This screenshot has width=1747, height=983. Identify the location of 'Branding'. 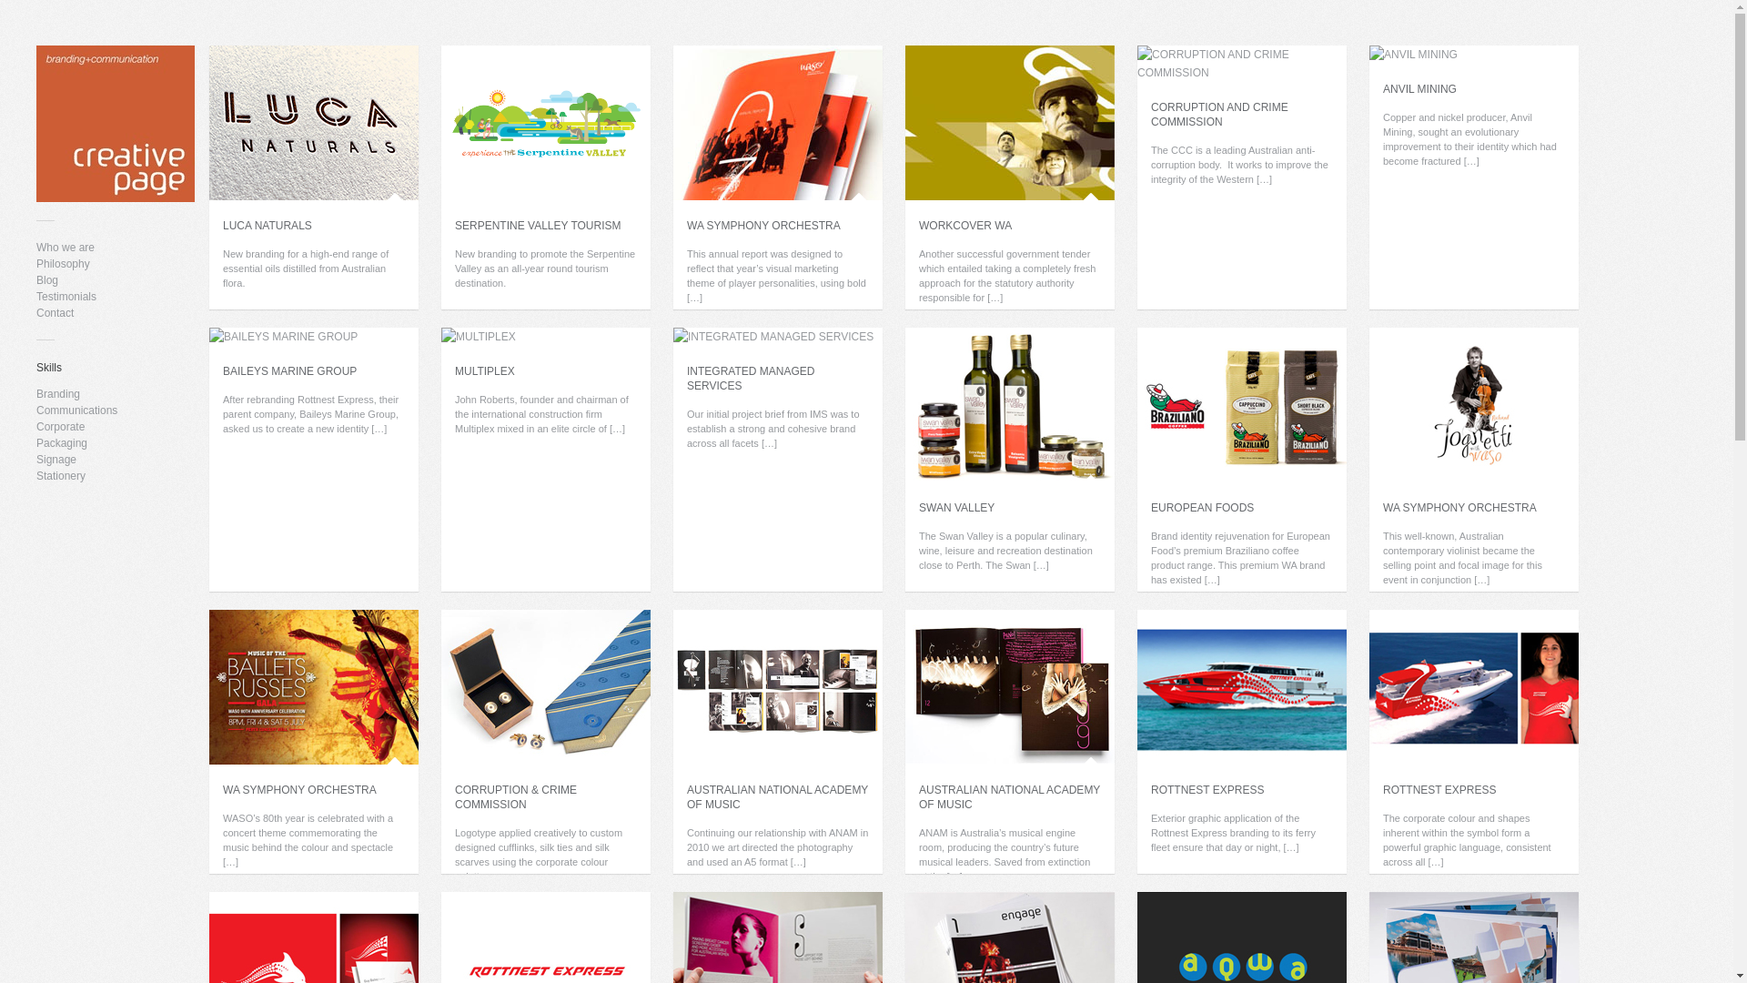
(35, 392).